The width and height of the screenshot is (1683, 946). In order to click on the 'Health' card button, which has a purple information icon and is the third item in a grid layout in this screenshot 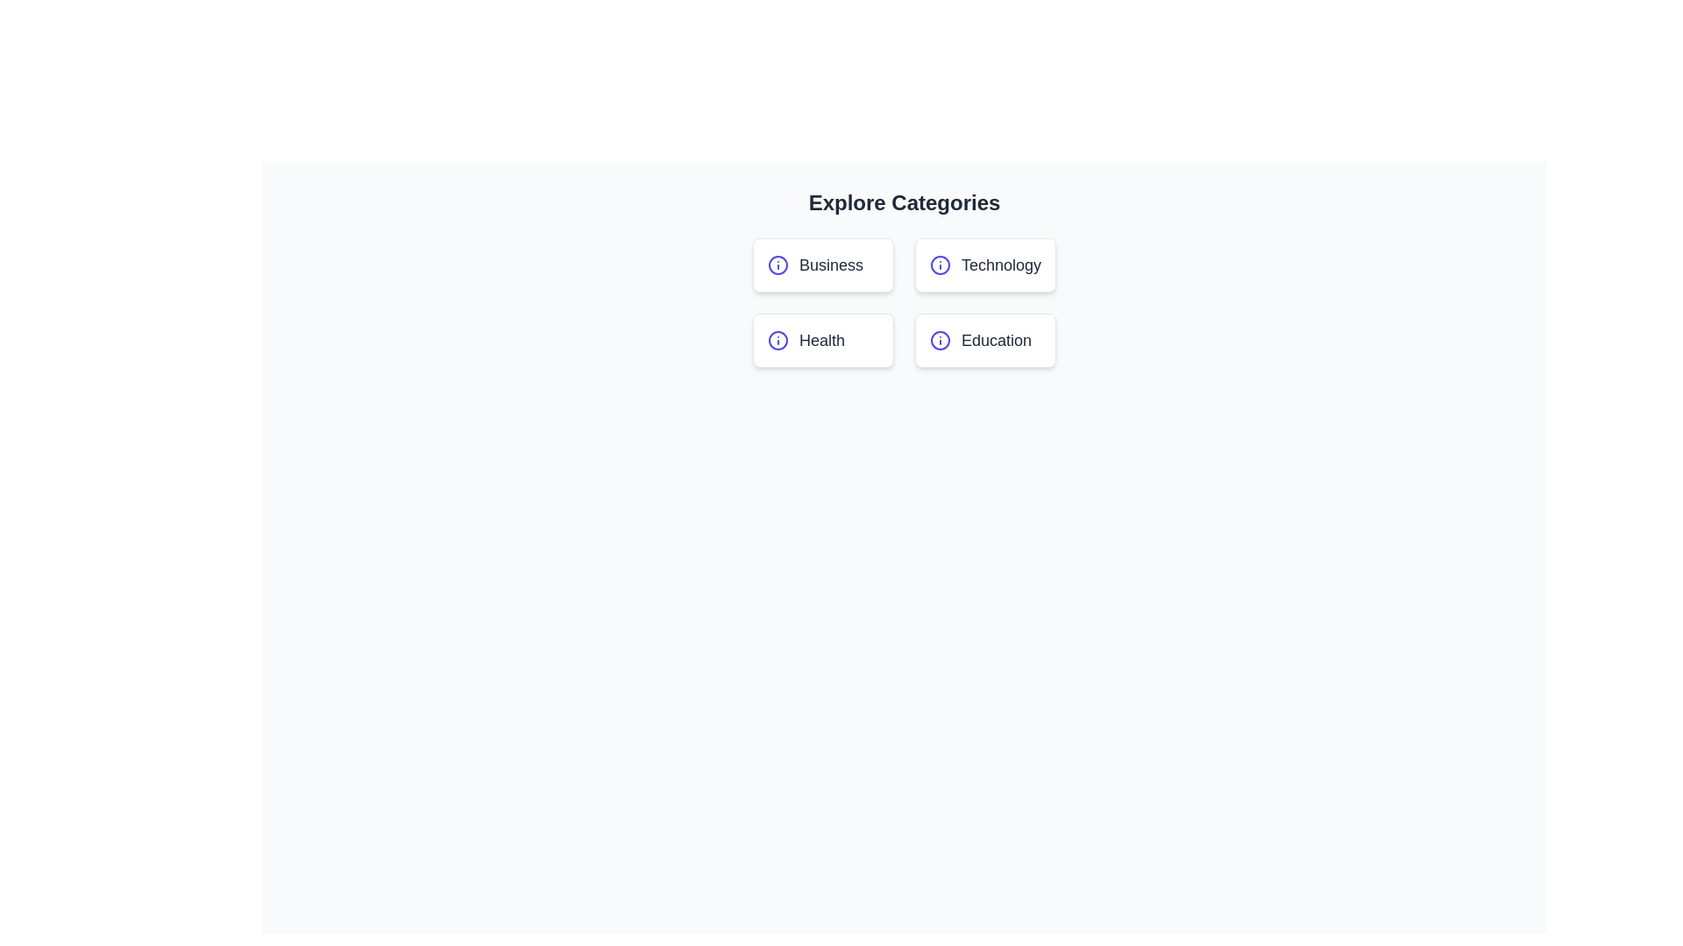, I will do `click(822, 341)`.